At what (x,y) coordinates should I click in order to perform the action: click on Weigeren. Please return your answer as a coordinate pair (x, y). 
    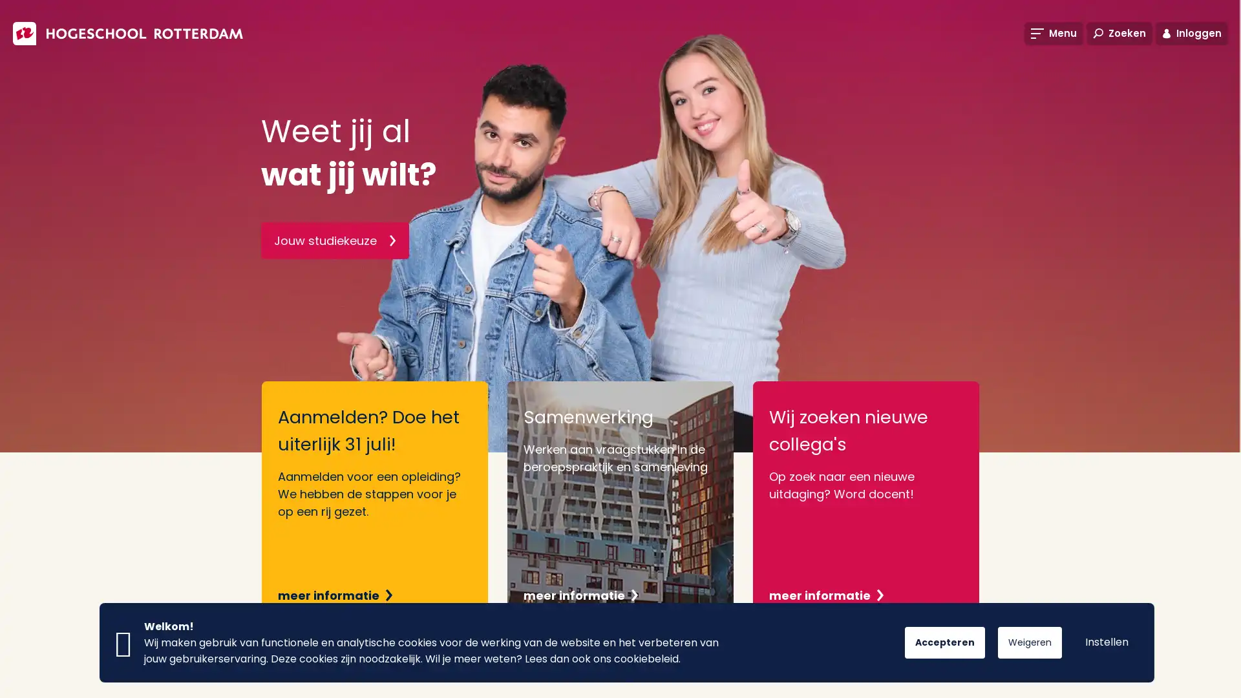
    Looking at the image, I should click on (1028, 642).